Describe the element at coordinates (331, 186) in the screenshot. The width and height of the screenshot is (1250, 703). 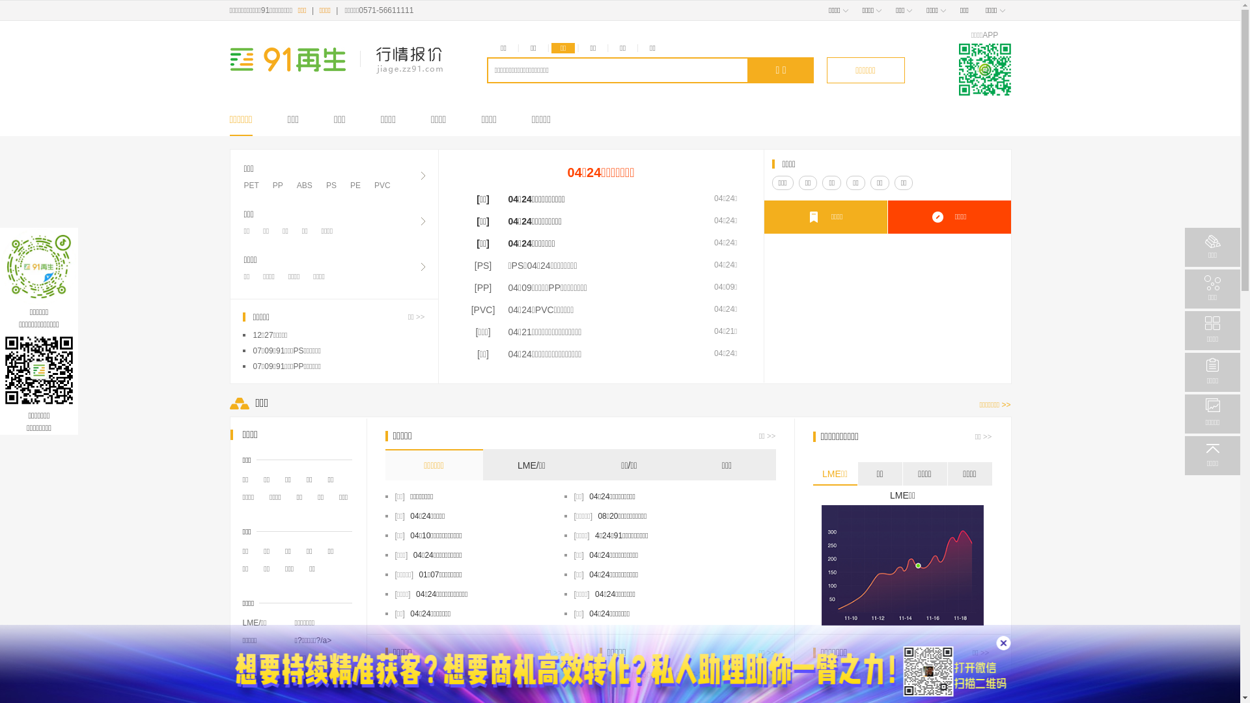
I see `'PS'` at that location.